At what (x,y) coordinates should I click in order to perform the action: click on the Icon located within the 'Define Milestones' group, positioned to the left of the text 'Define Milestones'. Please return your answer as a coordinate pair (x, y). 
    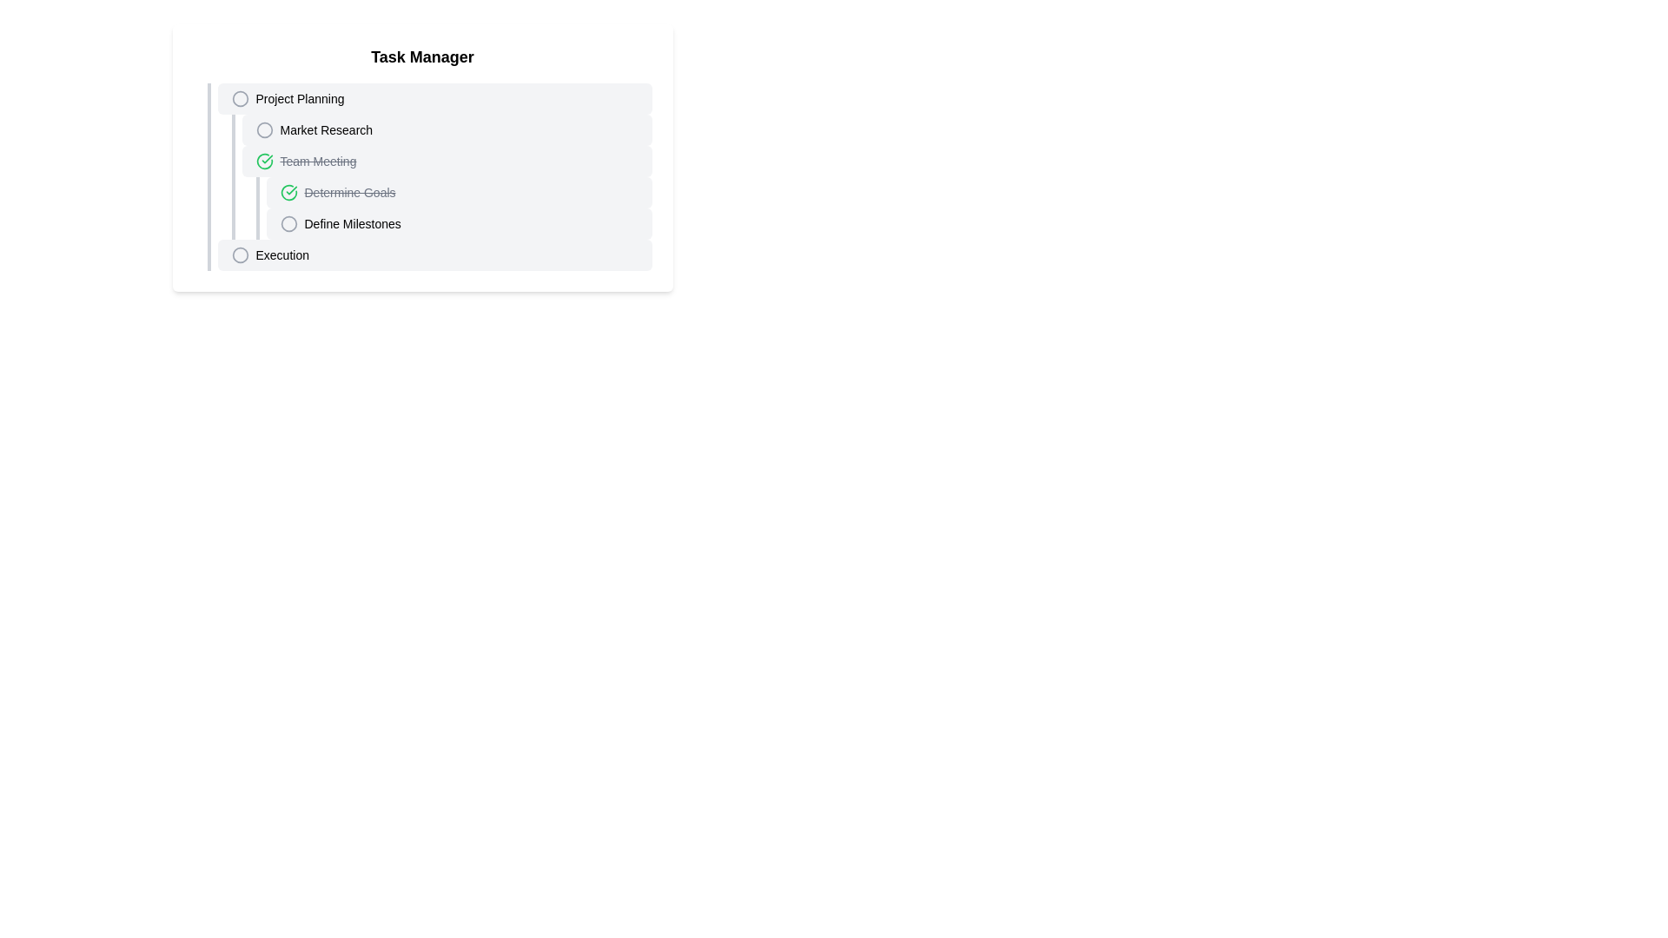
    Looking at the image, I should click on (288, 223).